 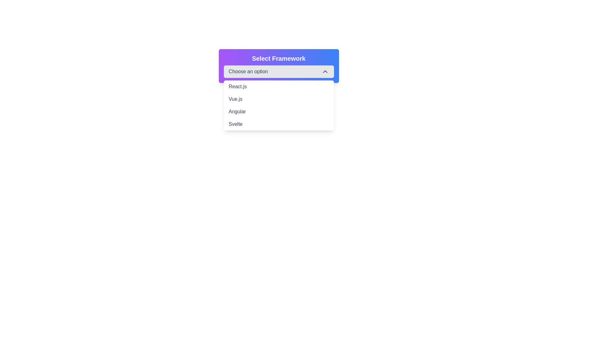 What do you see at coordinates (278, 87) in the screenshot?
I see `the 'React.js' list item in the dropdown menu` at bounding box center [278, 87].